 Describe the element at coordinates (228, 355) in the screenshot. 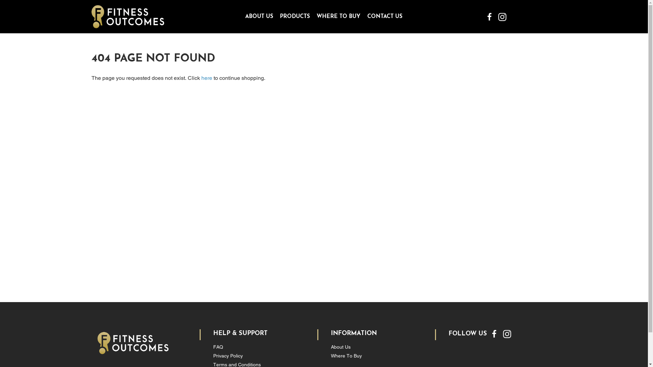

I see `'Privacy Policy'` at that location.